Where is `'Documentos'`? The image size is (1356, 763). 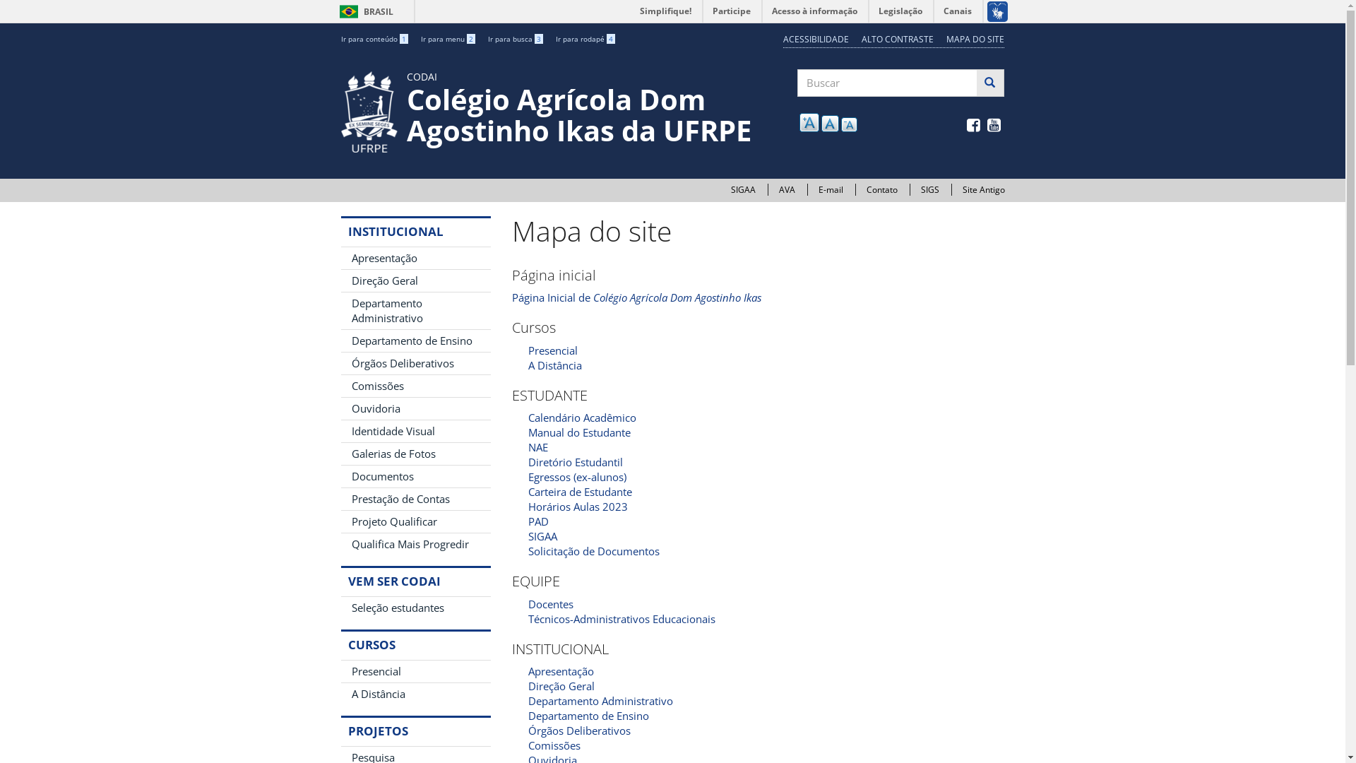
'Documentos' is located at coordinates (415, 476).